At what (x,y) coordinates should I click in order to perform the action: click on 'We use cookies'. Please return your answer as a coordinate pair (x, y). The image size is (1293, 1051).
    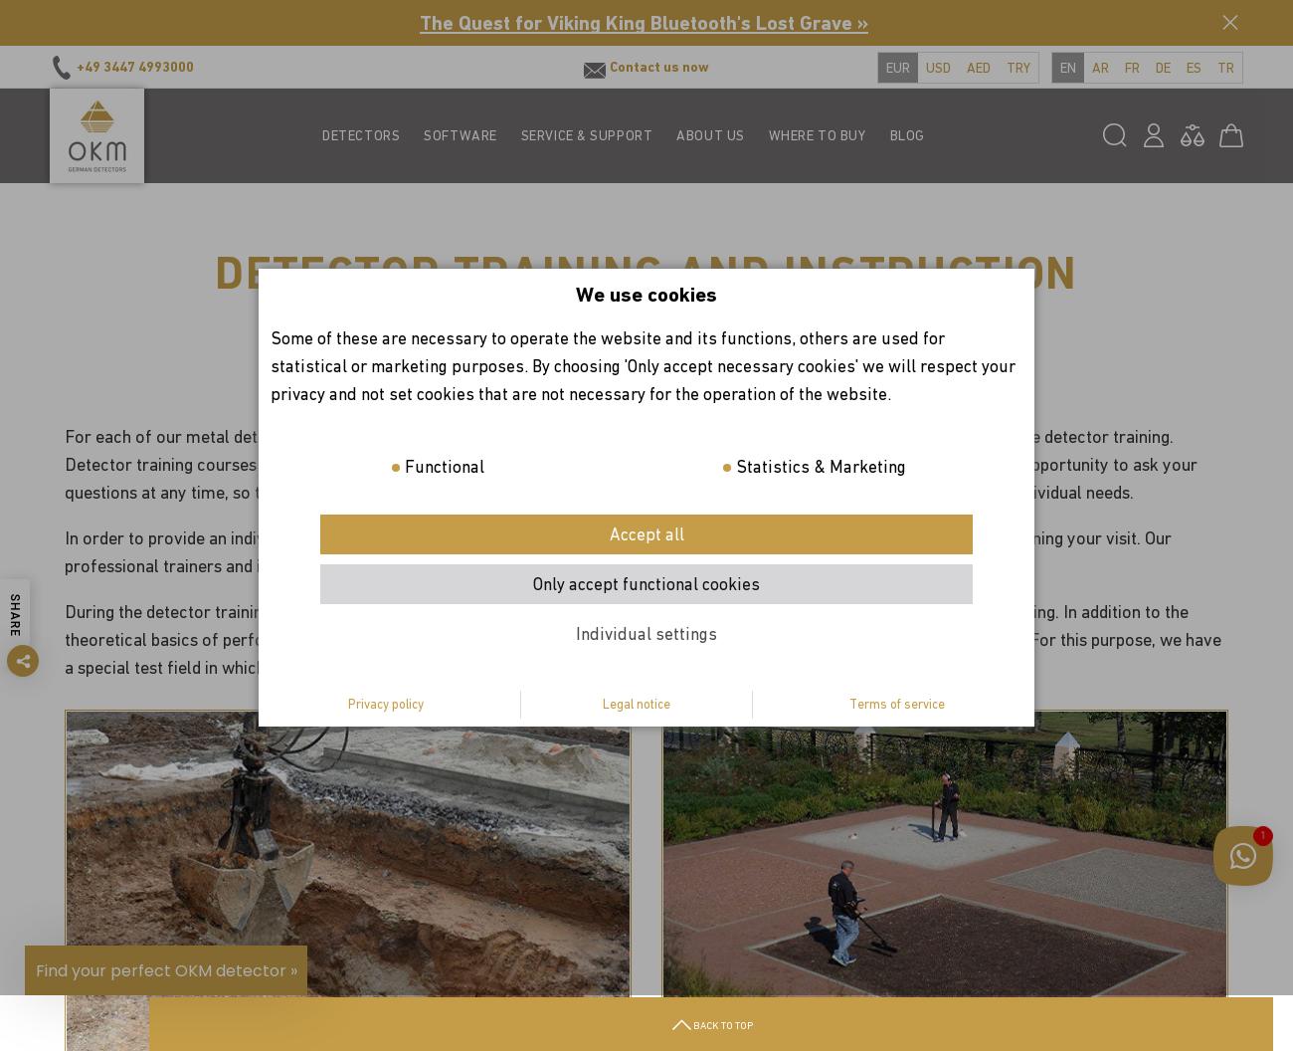
    Looking at the image, I should click on (646, 294).